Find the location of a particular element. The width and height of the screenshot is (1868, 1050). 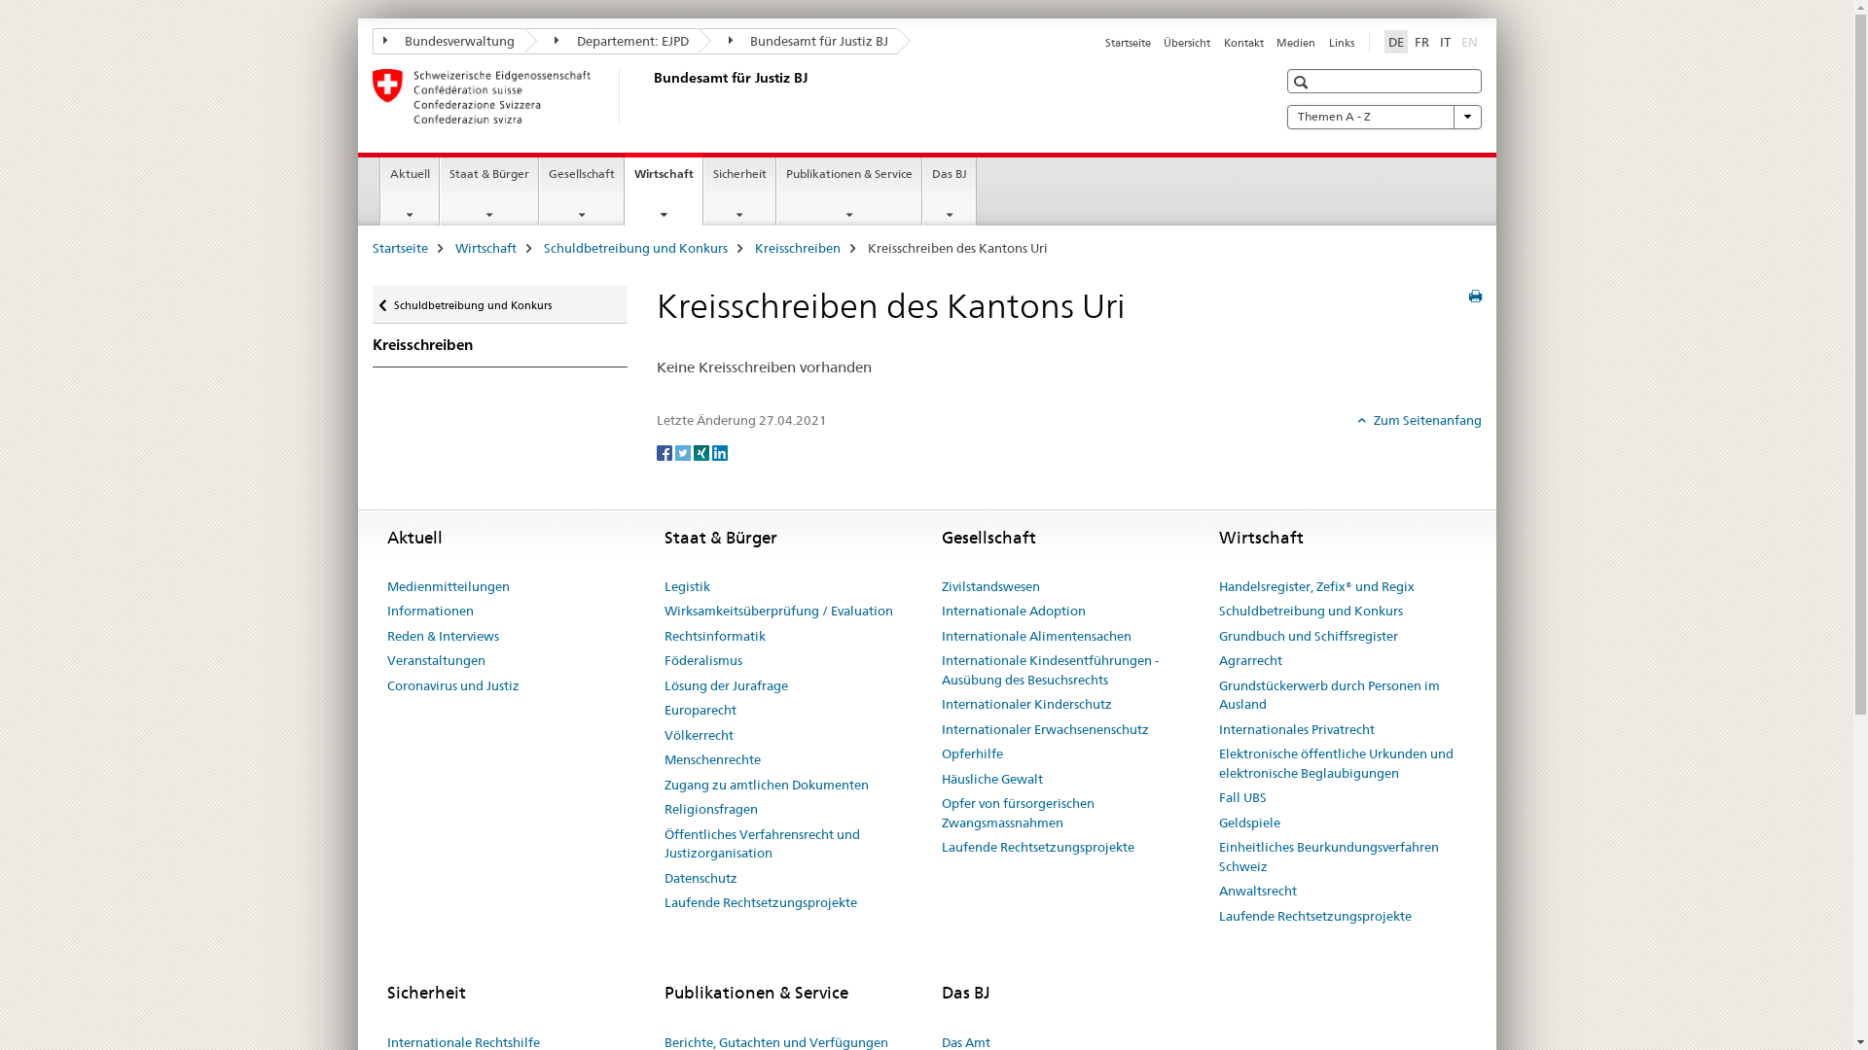

'Links' is located at coordinates (1340, 42).